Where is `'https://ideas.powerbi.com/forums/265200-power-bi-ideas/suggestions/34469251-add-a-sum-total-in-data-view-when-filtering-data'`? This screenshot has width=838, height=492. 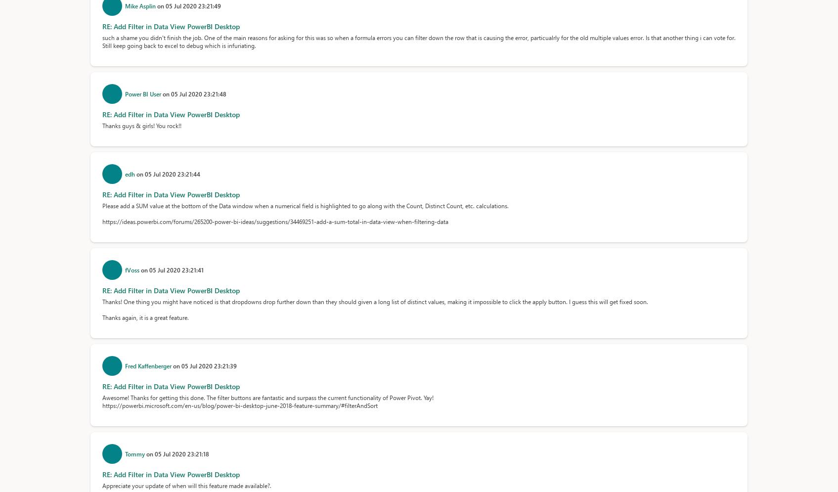
'https://ideas.powerbi.com/forums/265200-power-bi-ideas/suggestions/34469251-add-a-sum-total-in-data-view-when-filtering-data' is located at coordinates (274, 221).